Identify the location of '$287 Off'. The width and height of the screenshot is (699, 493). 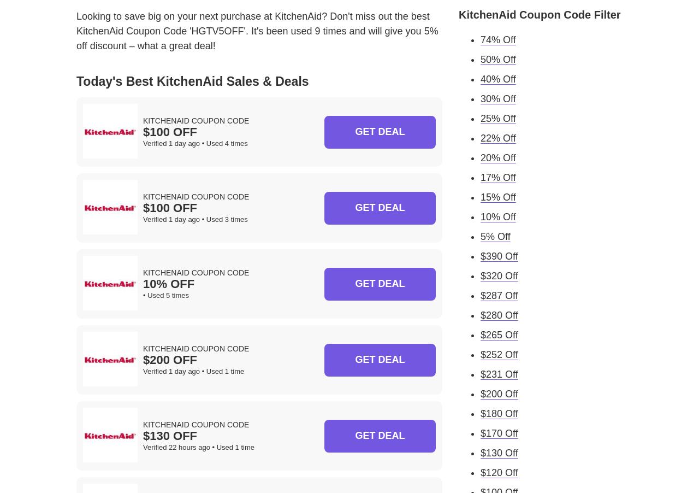
(481, 295).